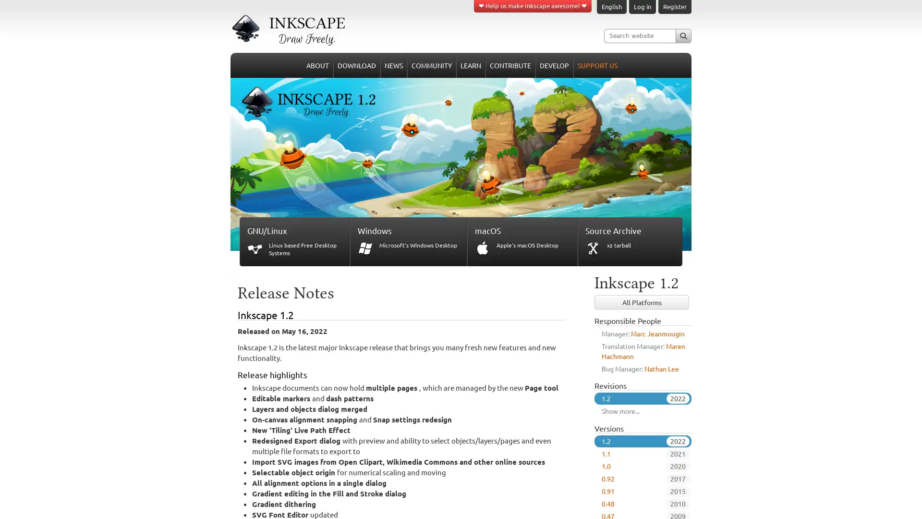 This screenshot has height=519, width=922. I want to click on Search, so click(683, 35).